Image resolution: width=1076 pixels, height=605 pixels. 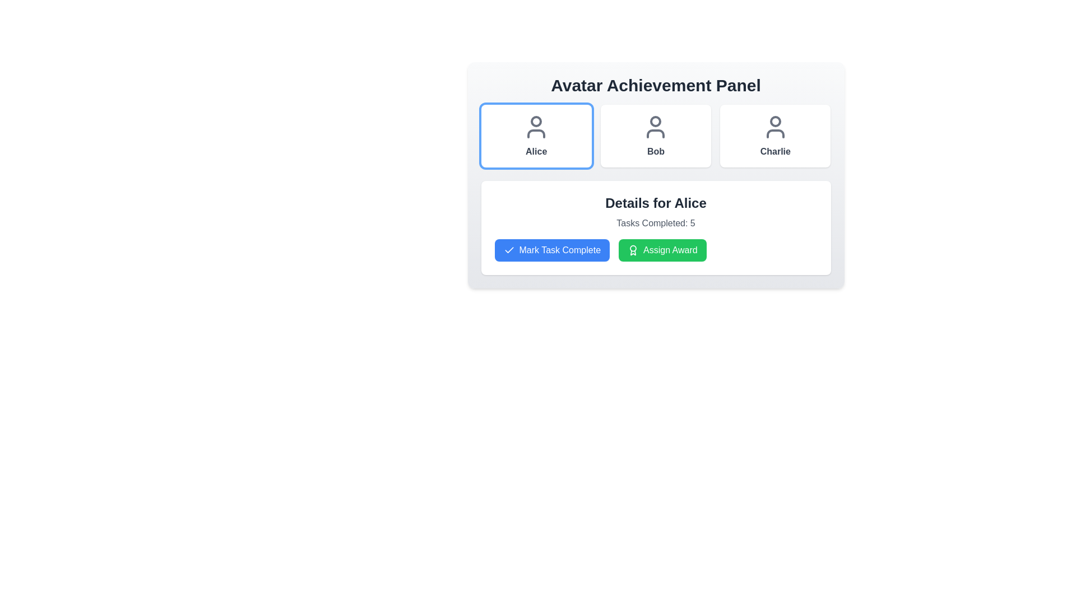 What do you see at coordinates (656, 136) in the screenshot?
I see `the Profile card representing 'Bob' in the grid of profile cards below the 'Avatar Achievement Panel'` at bounding box center [656, 136].